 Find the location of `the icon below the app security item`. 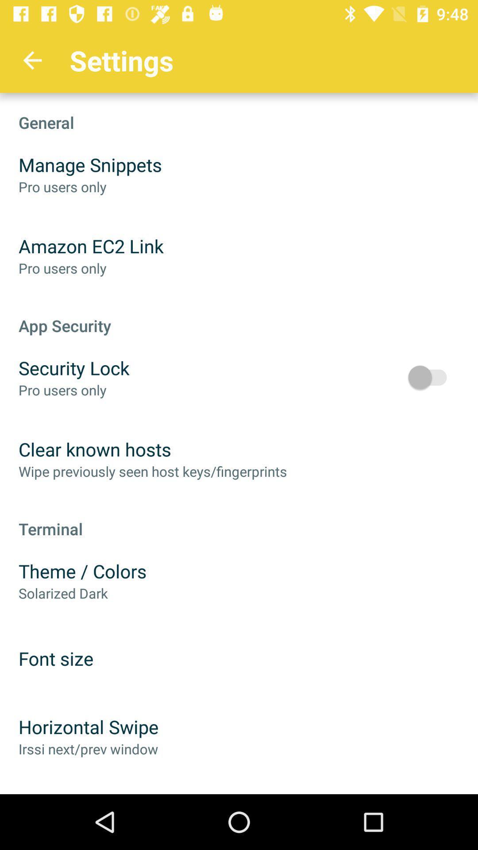

the icon below the app security item is located at coordinates (431, 377).